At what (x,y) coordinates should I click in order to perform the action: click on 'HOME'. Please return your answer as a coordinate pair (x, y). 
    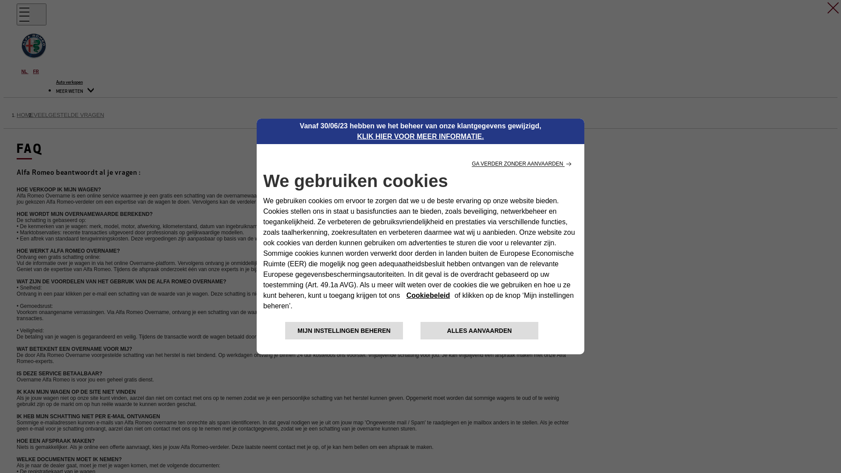
    Looking at the image, I should click on (25, 114).